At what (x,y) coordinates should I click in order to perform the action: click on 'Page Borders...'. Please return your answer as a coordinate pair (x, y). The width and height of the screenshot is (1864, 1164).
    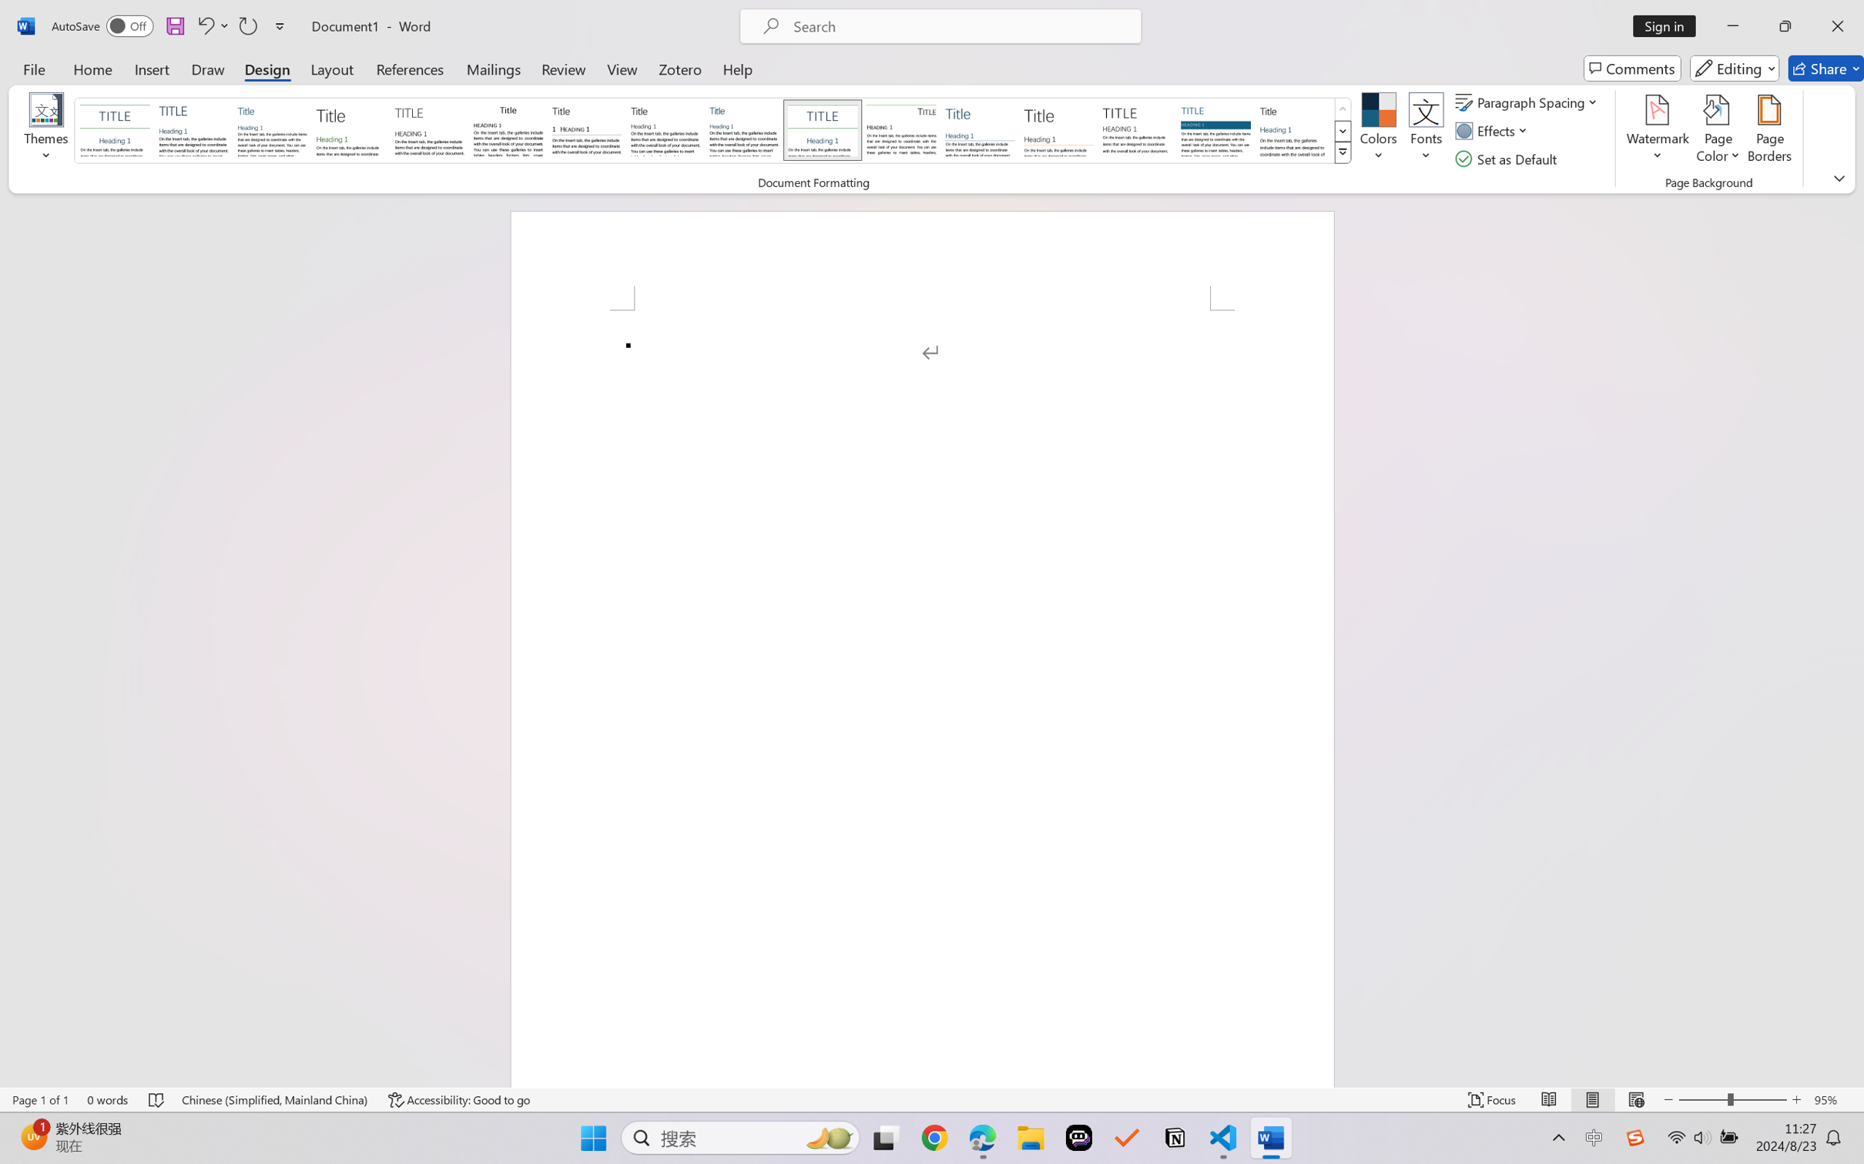
    Looking at the image, I should click on (1768, 131).